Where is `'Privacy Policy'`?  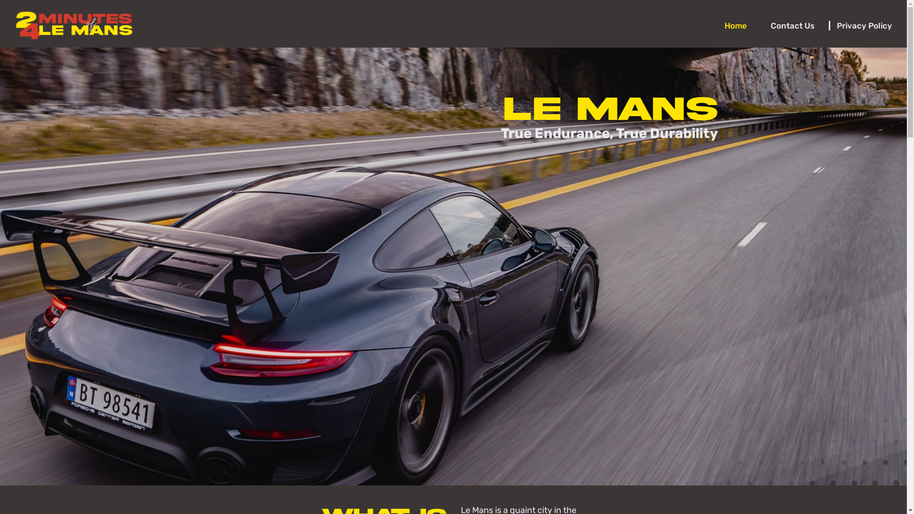 'Privacy Policy' is located at coordinates (860, 25).